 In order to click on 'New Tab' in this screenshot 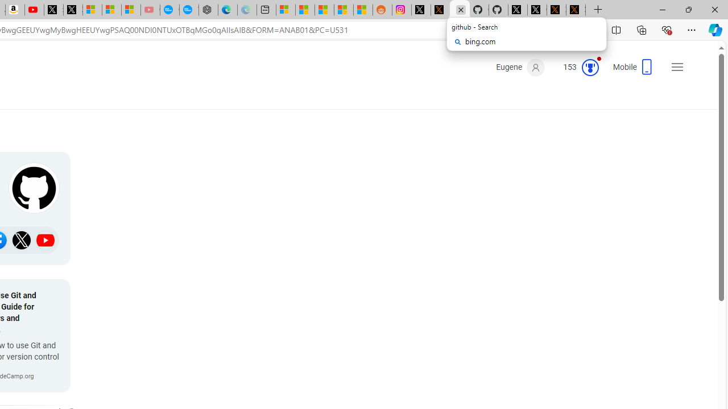, I will do `click(598, 10)`.